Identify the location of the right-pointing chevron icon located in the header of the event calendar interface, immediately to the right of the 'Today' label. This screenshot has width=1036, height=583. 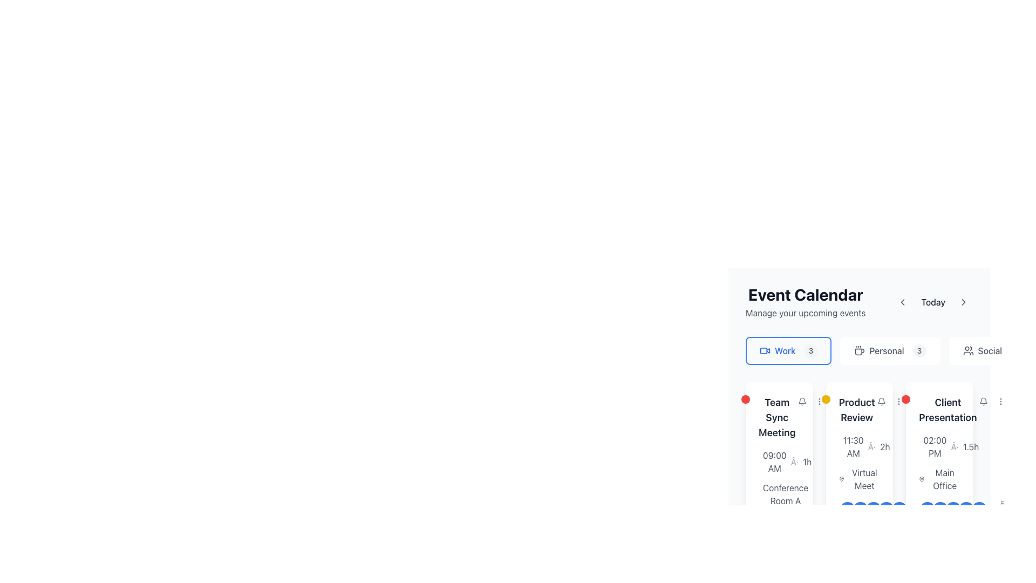
(963, 302).